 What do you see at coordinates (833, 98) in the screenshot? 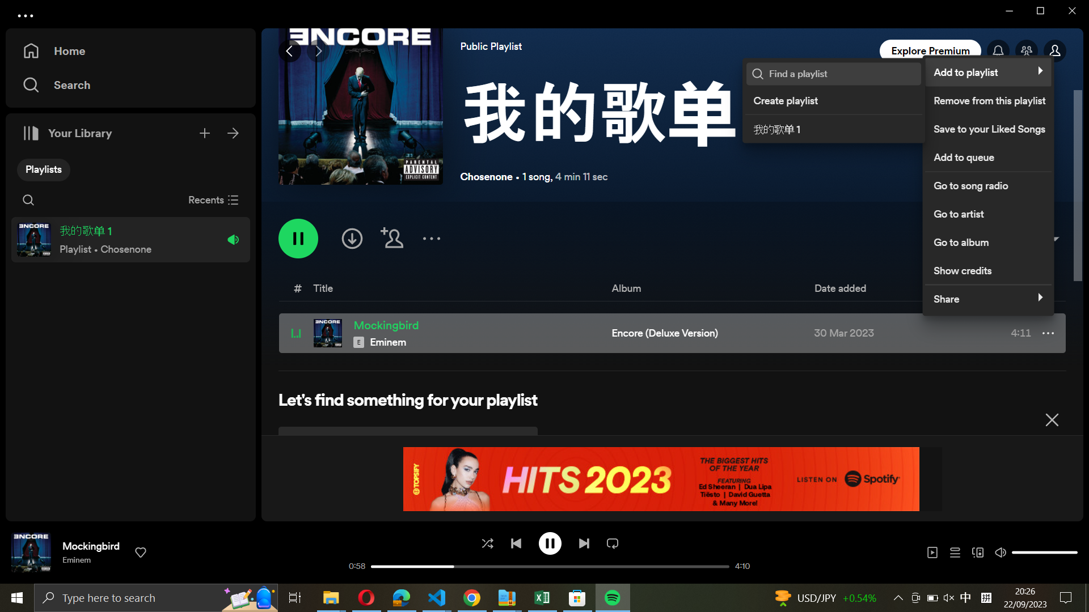
I see `Create a new playlist named "post rock` at bounding box center [833, 98].